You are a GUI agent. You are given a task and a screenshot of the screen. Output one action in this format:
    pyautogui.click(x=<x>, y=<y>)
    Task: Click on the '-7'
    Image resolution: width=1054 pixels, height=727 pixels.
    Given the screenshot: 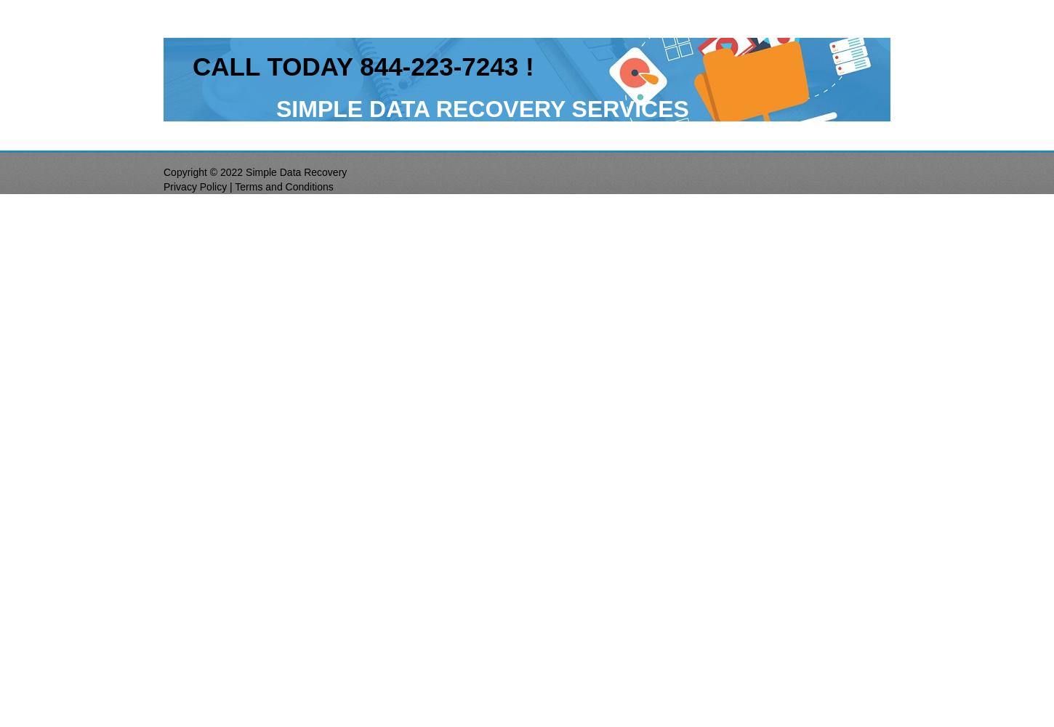 What is the action you would take?
    pyautogui.click(x=463, y=65)
    